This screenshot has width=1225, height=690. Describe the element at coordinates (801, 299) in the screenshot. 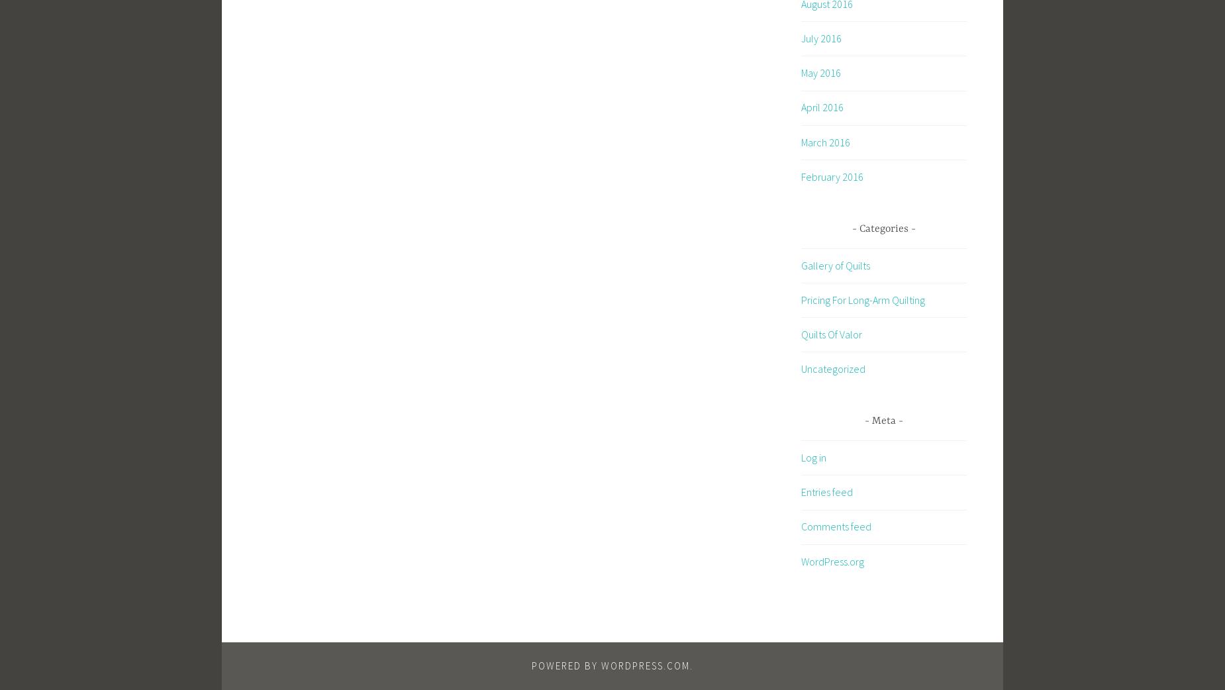

I see `'Pricing For Long-Arm Quilting'` at that location.